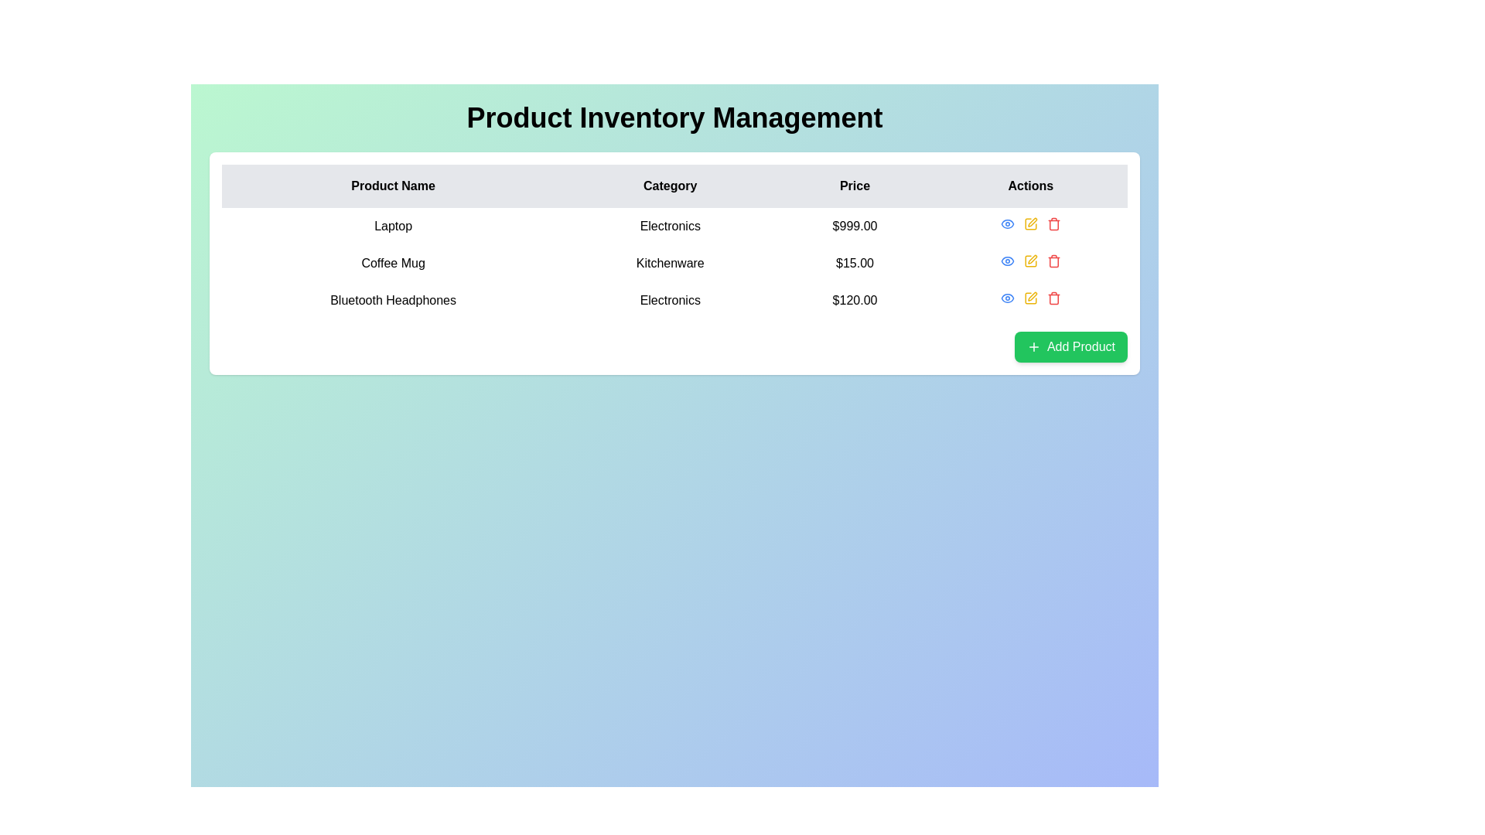 This screenshot has height=835, width=1485. Describe the element at coordinates (1030, 223) in the screenshot. I see `the yellow pencil icon located in the 'Actions' column of the first row in the table` at that location.